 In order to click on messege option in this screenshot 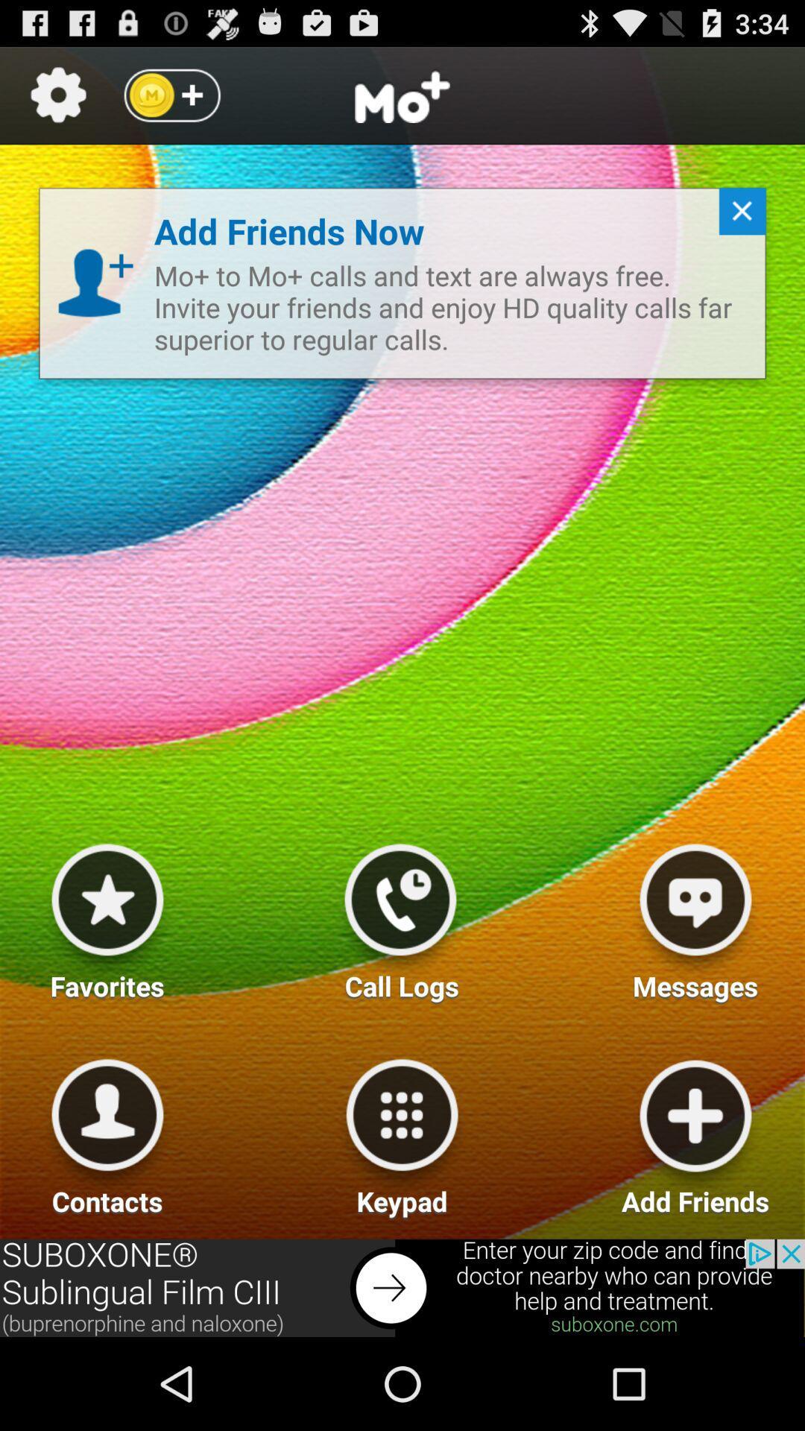, I will do `click(695, 915)`.